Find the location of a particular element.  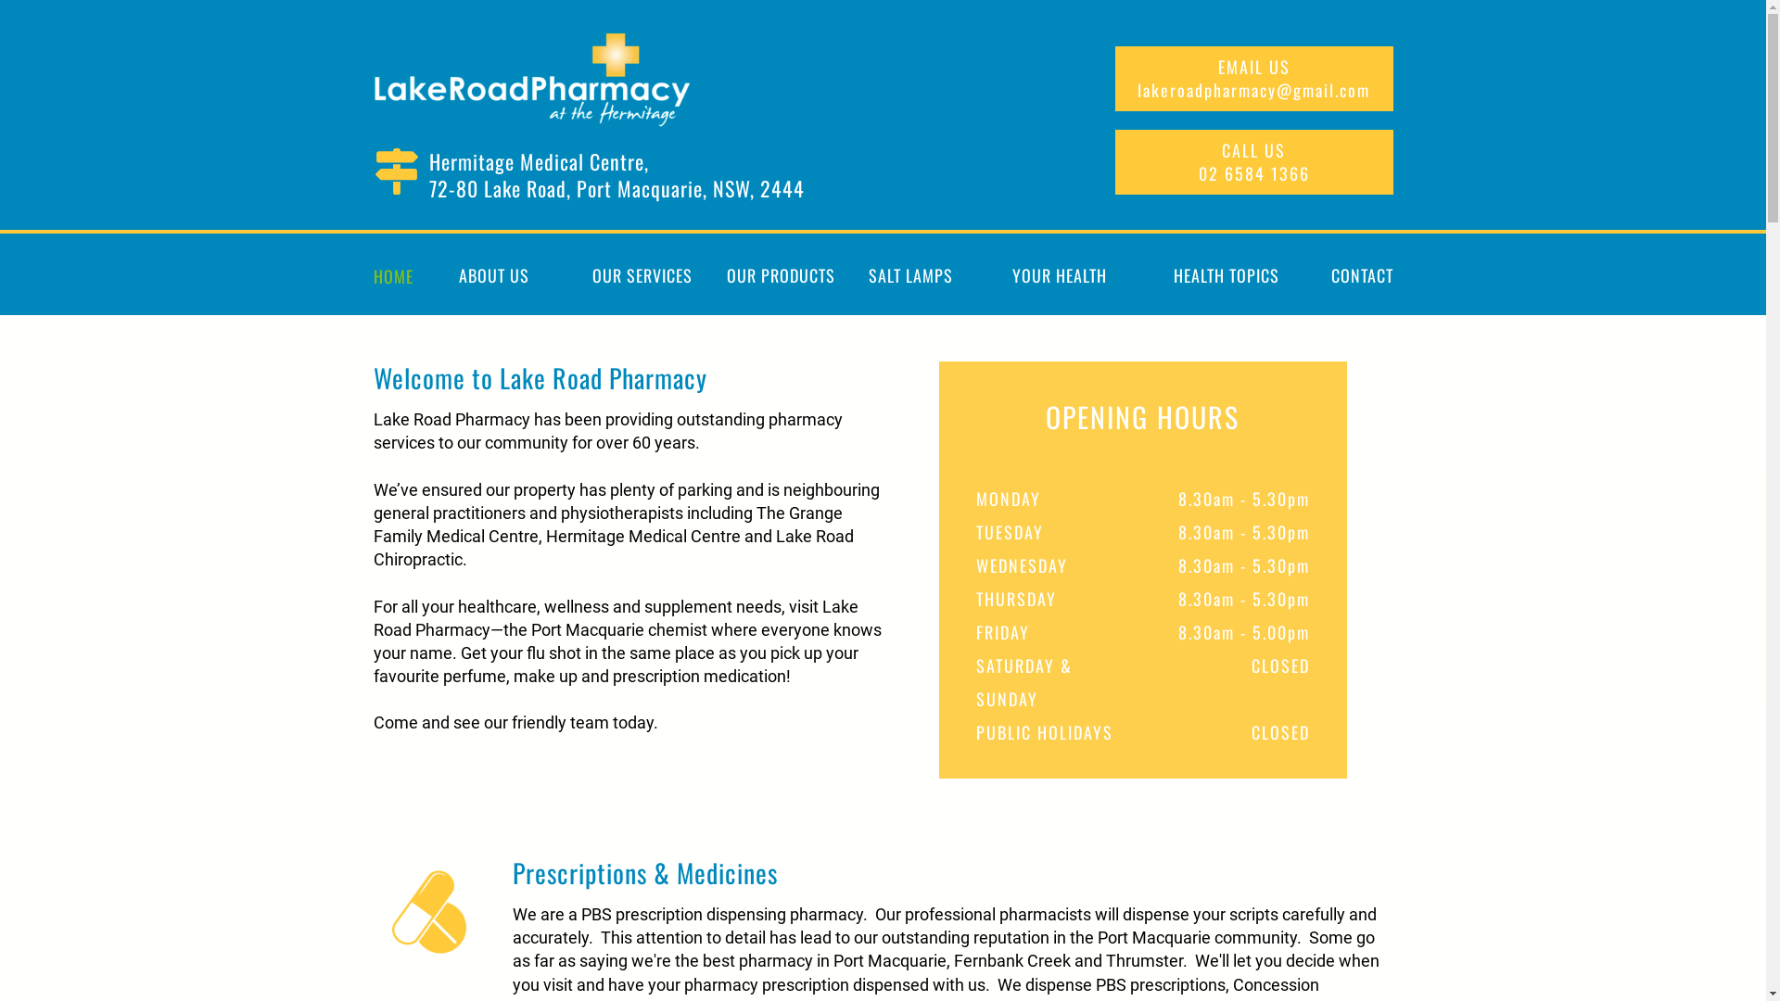

'CALL US is located at coordinates (1253, 160).